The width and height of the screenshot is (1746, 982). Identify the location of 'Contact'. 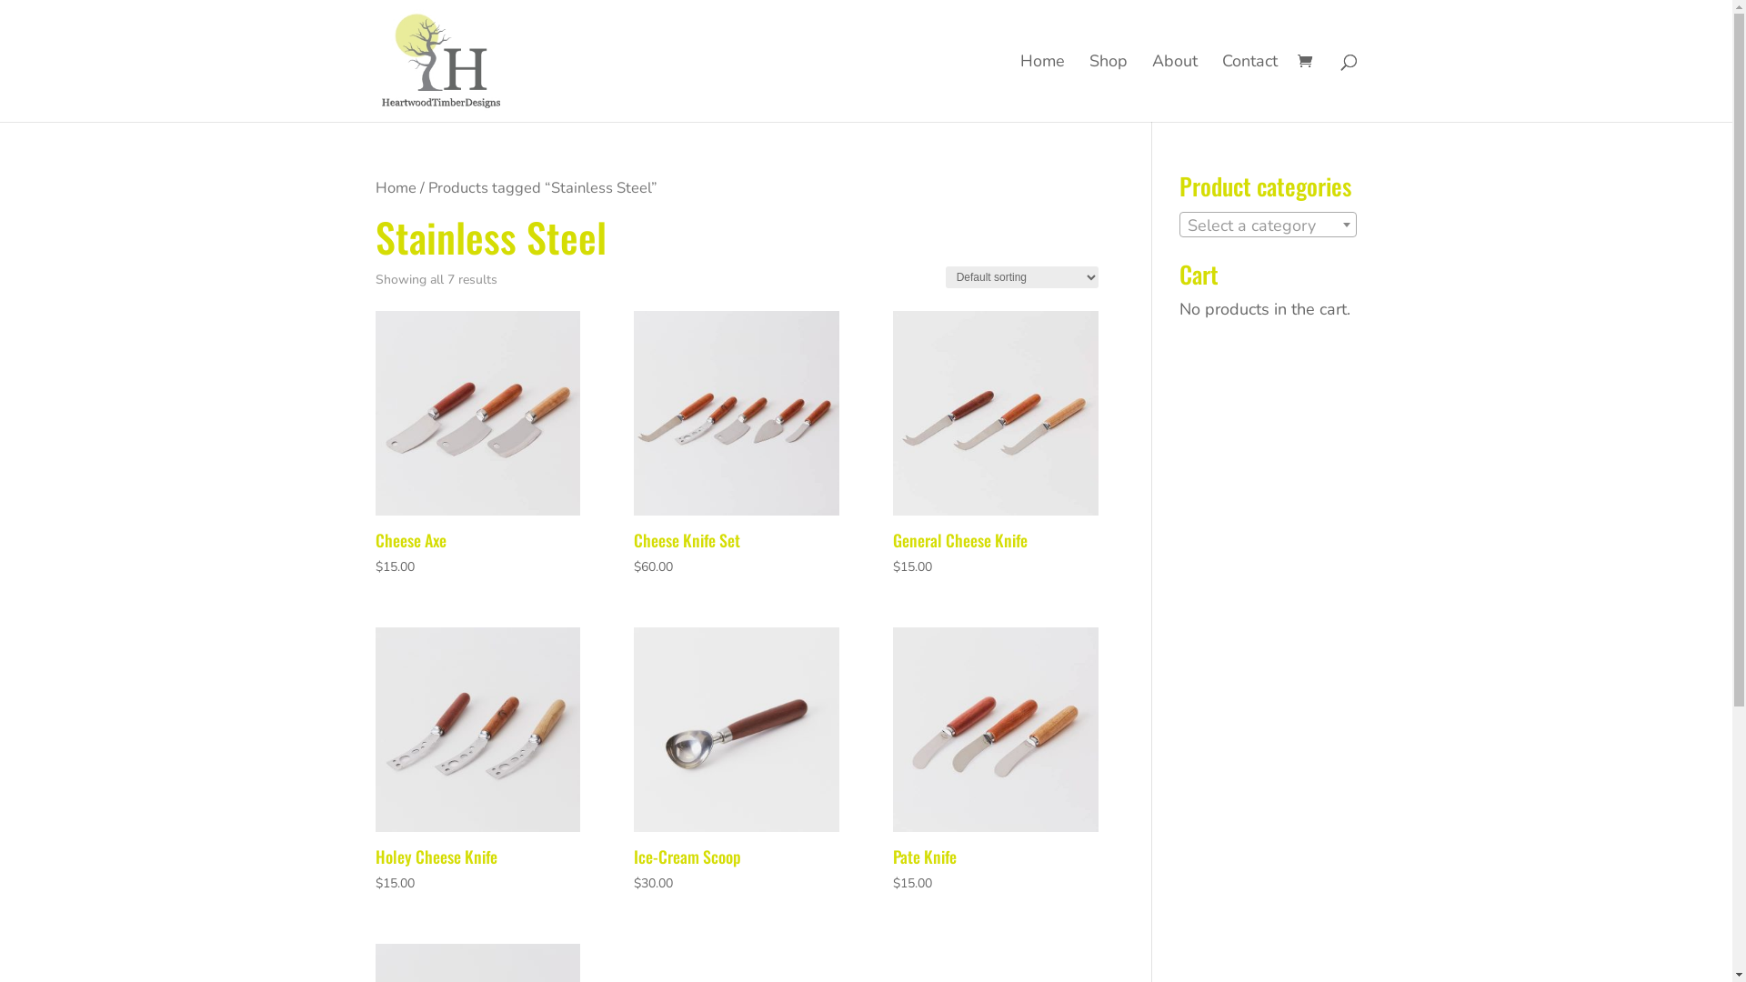
(1249, 87).